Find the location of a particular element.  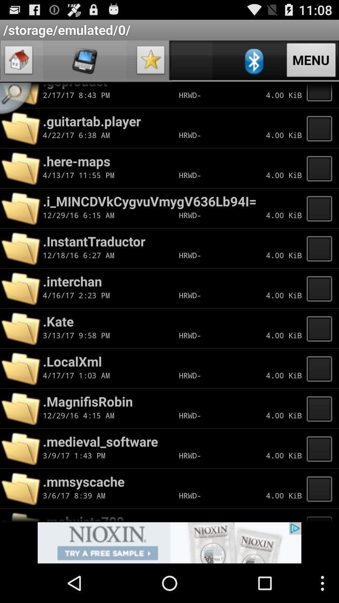

star symbol is located at coordinates (151, 62).